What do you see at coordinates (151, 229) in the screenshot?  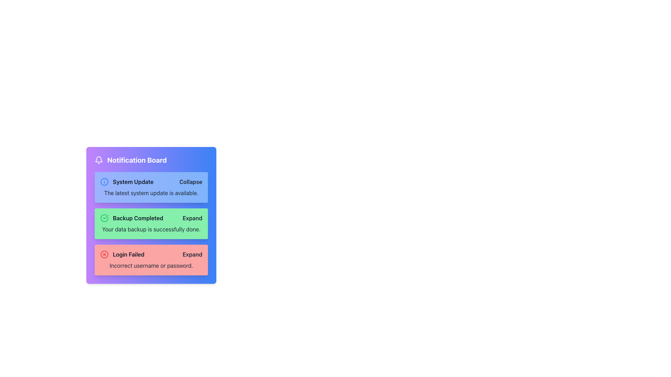 I see `informational message from the text label indicating the successful completion of a data backup, located within the green notification card titled 'Backup Completed.'` at bounding box center [151, 229].